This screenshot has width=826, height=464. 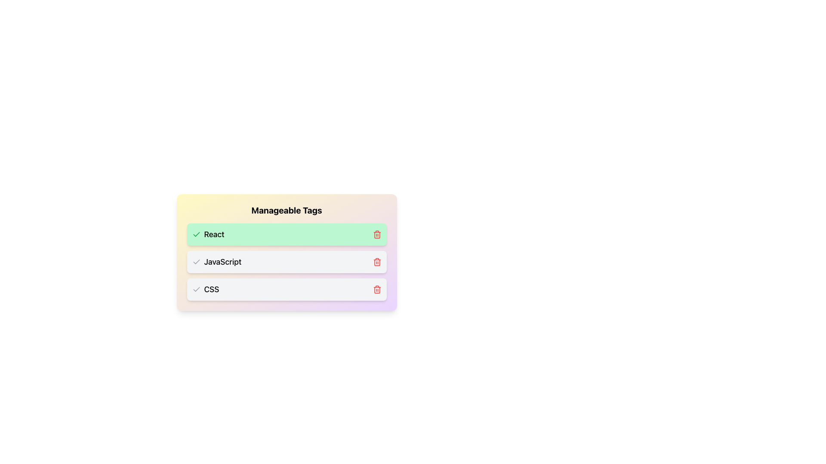 What do you see at coordinates (208, 235) in the screenshot?
I see `the 'React' tag item with an active state indicator, which has a green checkmark icon and is the first item in a vertically stacked list` at bounding box center [208, 235].